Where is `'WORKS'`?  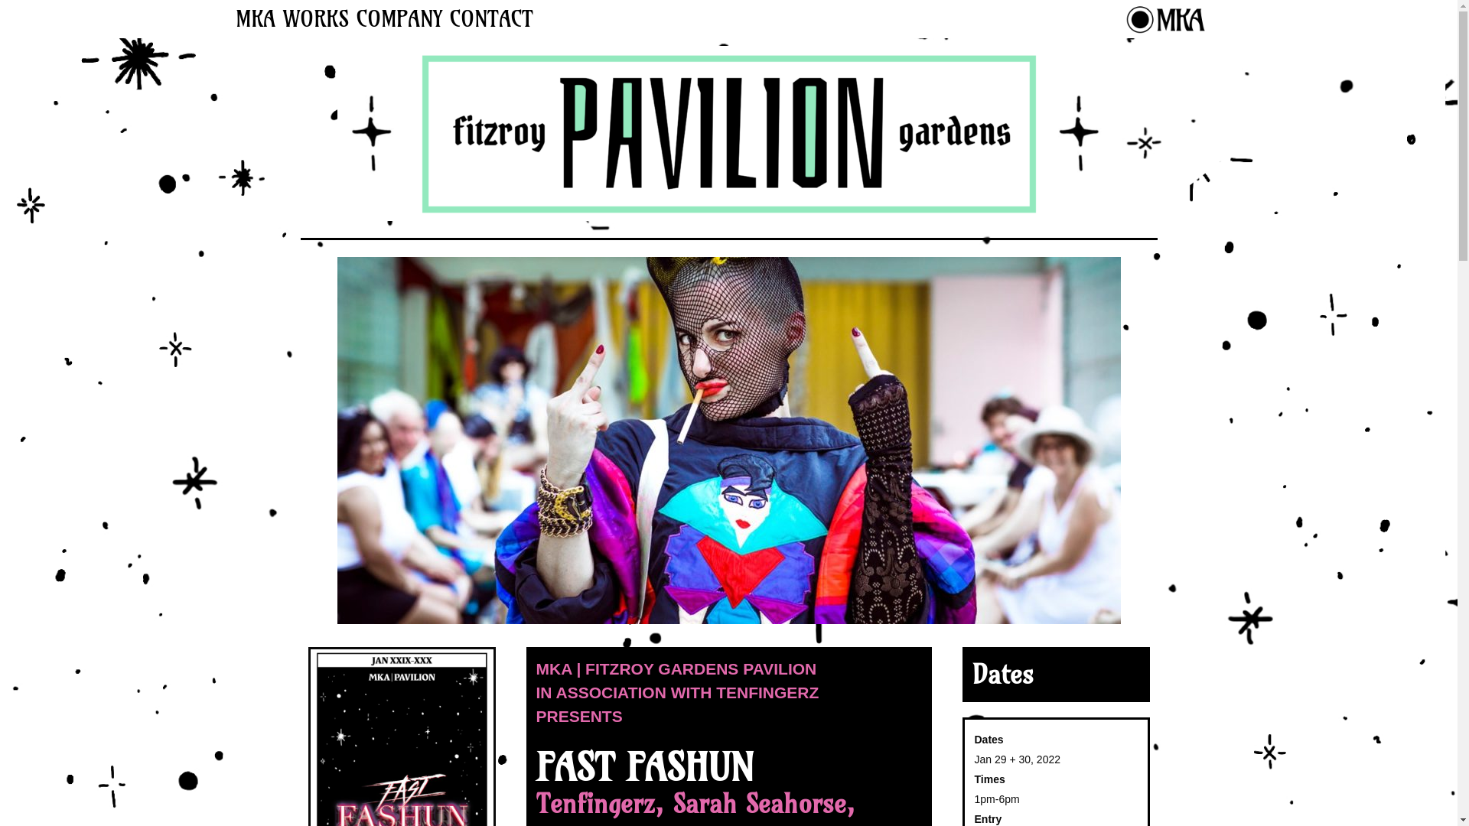 'WORKS' is located at coordinates (314, 18).